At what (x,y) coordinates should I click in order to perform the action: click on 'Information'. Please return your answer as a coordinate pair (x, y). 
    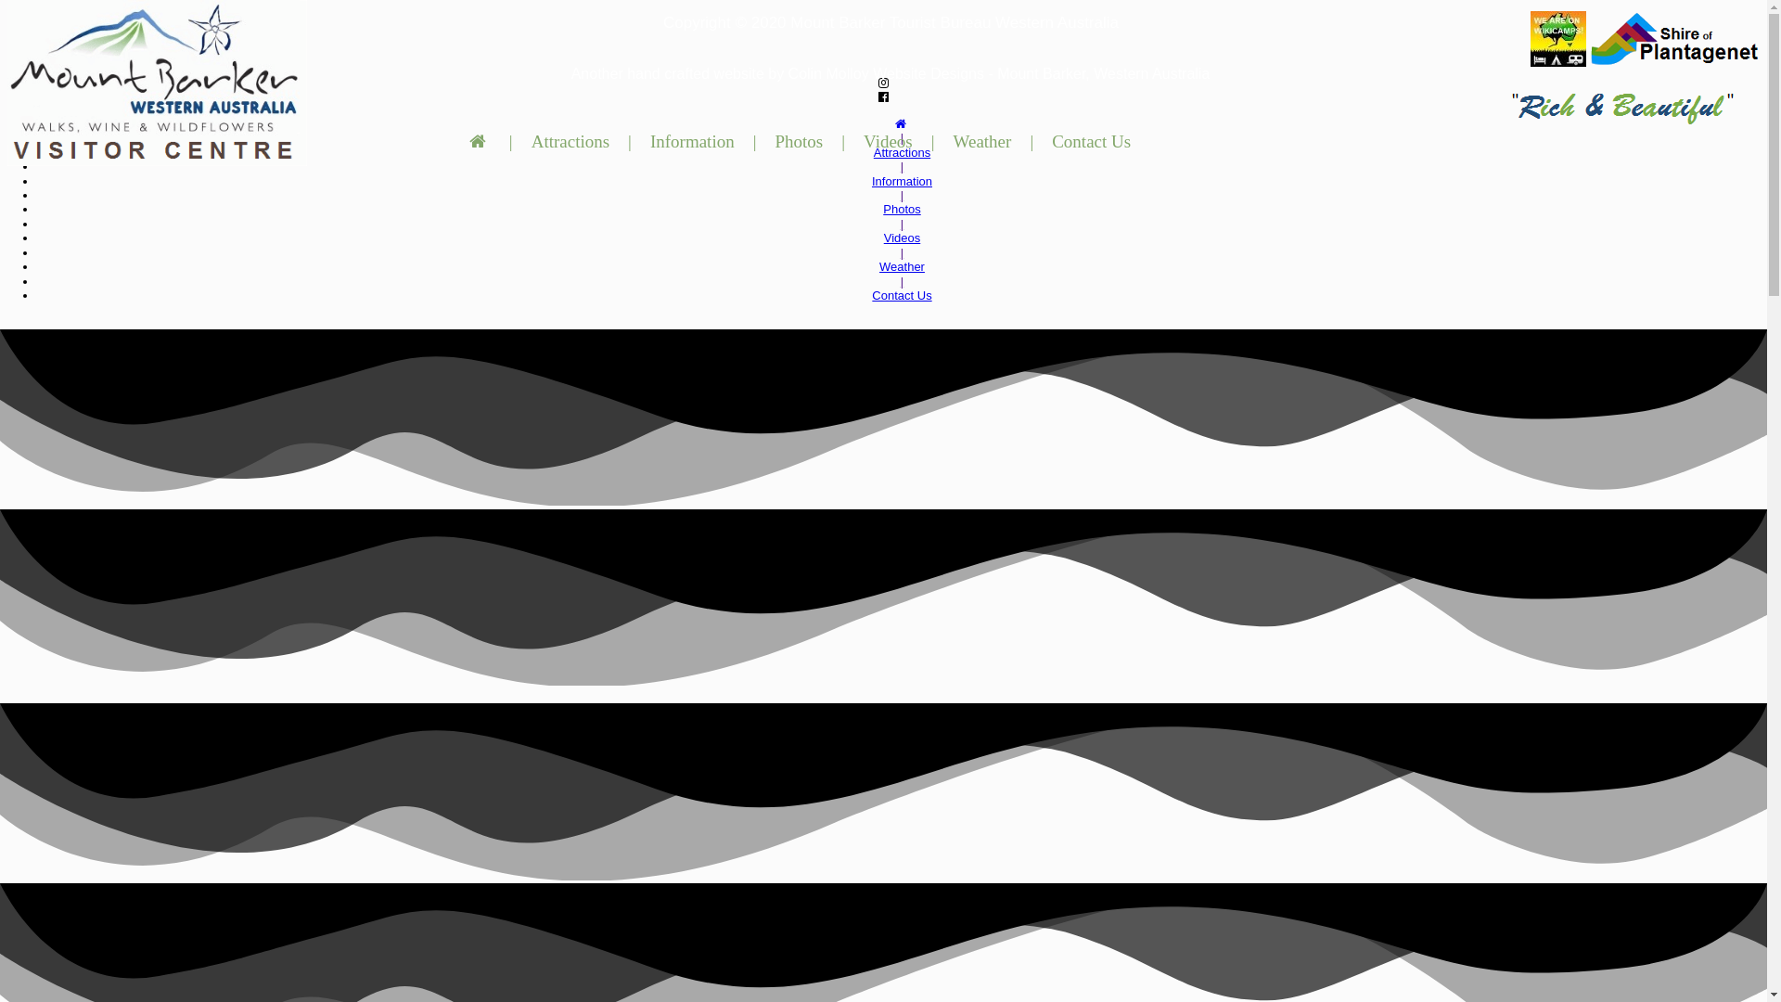
    Looking at the image, I should click on (902, 181).